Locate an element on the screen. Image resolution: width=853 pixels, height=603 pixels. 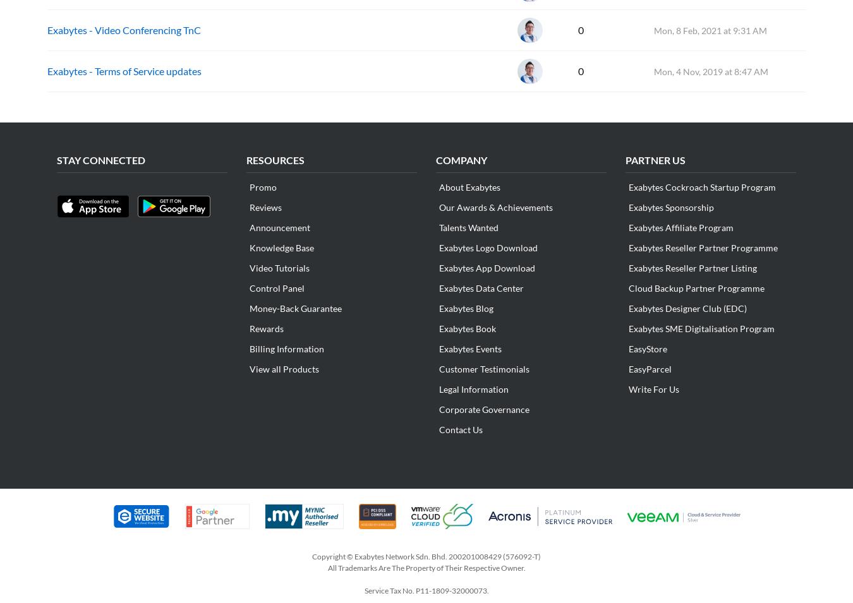
'Copyright © Exabytes Network Sdn. Bhd. 200201008429 (576092-T)' is located at coordinates (426, 556).